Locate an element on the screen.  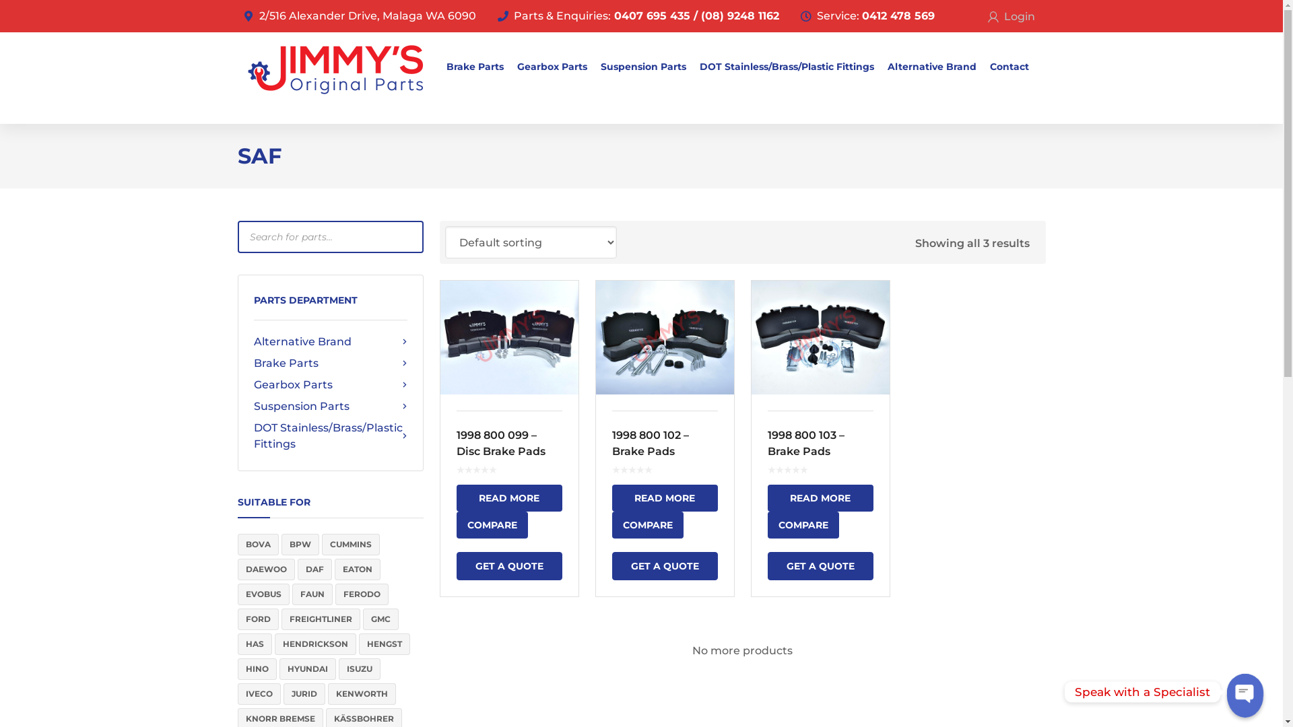
'HENDRICKSON' is located at coordinates (314, 643).